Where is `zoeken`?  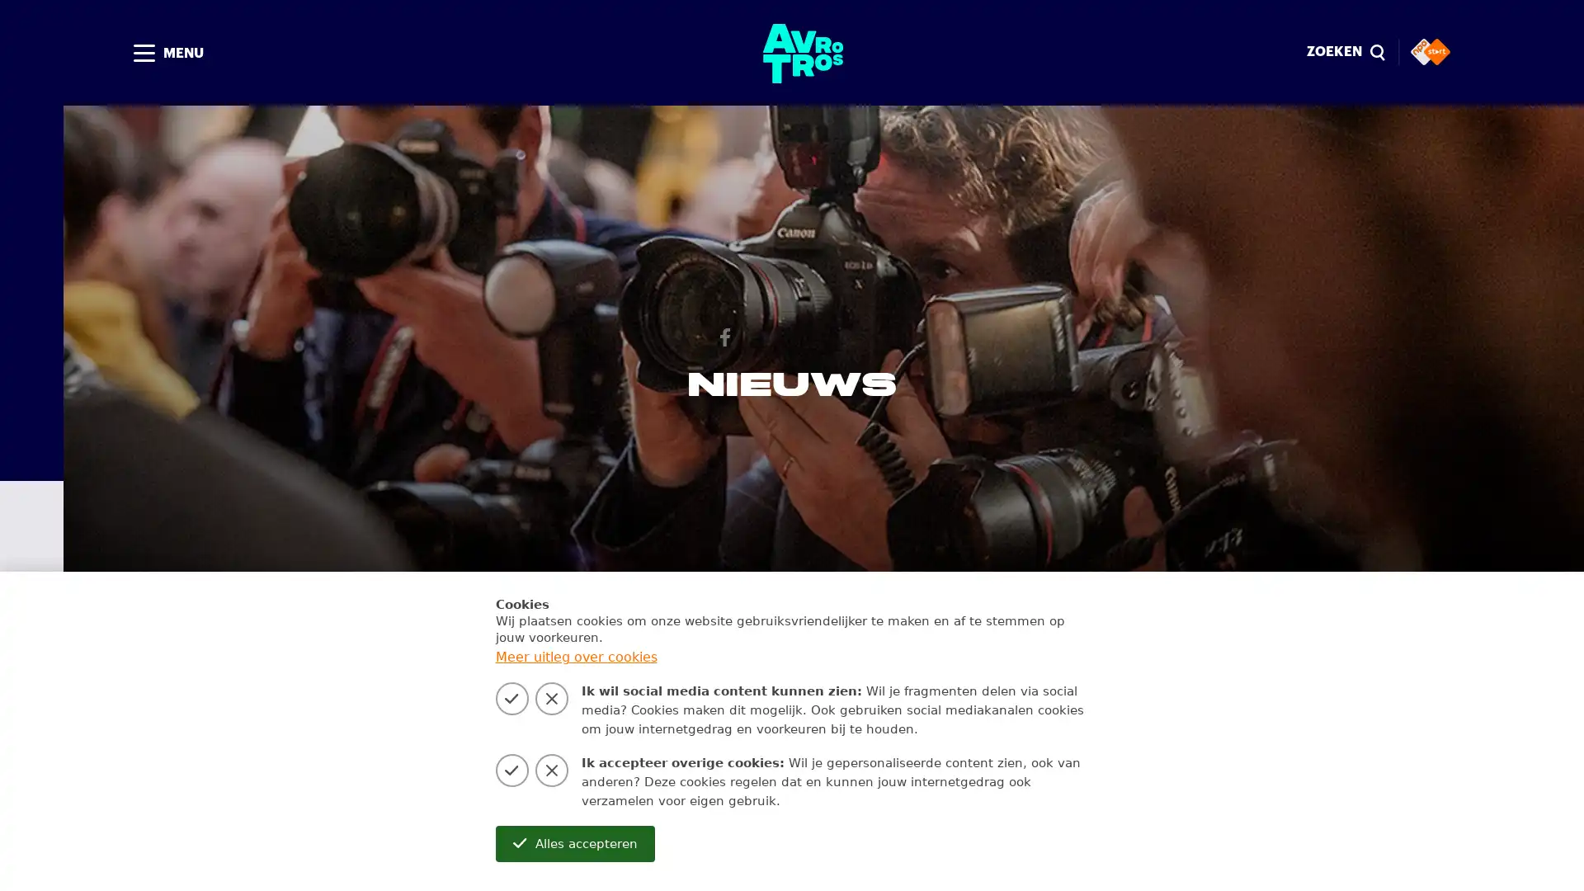 zoeken is located at coordinates (926, 680).